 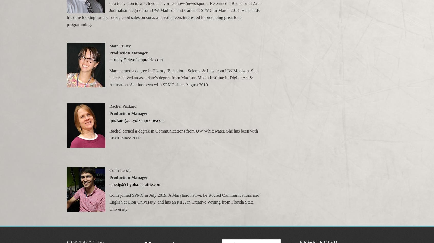 I want to click on 'clessig@cityofsunprairie.com', so click(x=135, y=184).